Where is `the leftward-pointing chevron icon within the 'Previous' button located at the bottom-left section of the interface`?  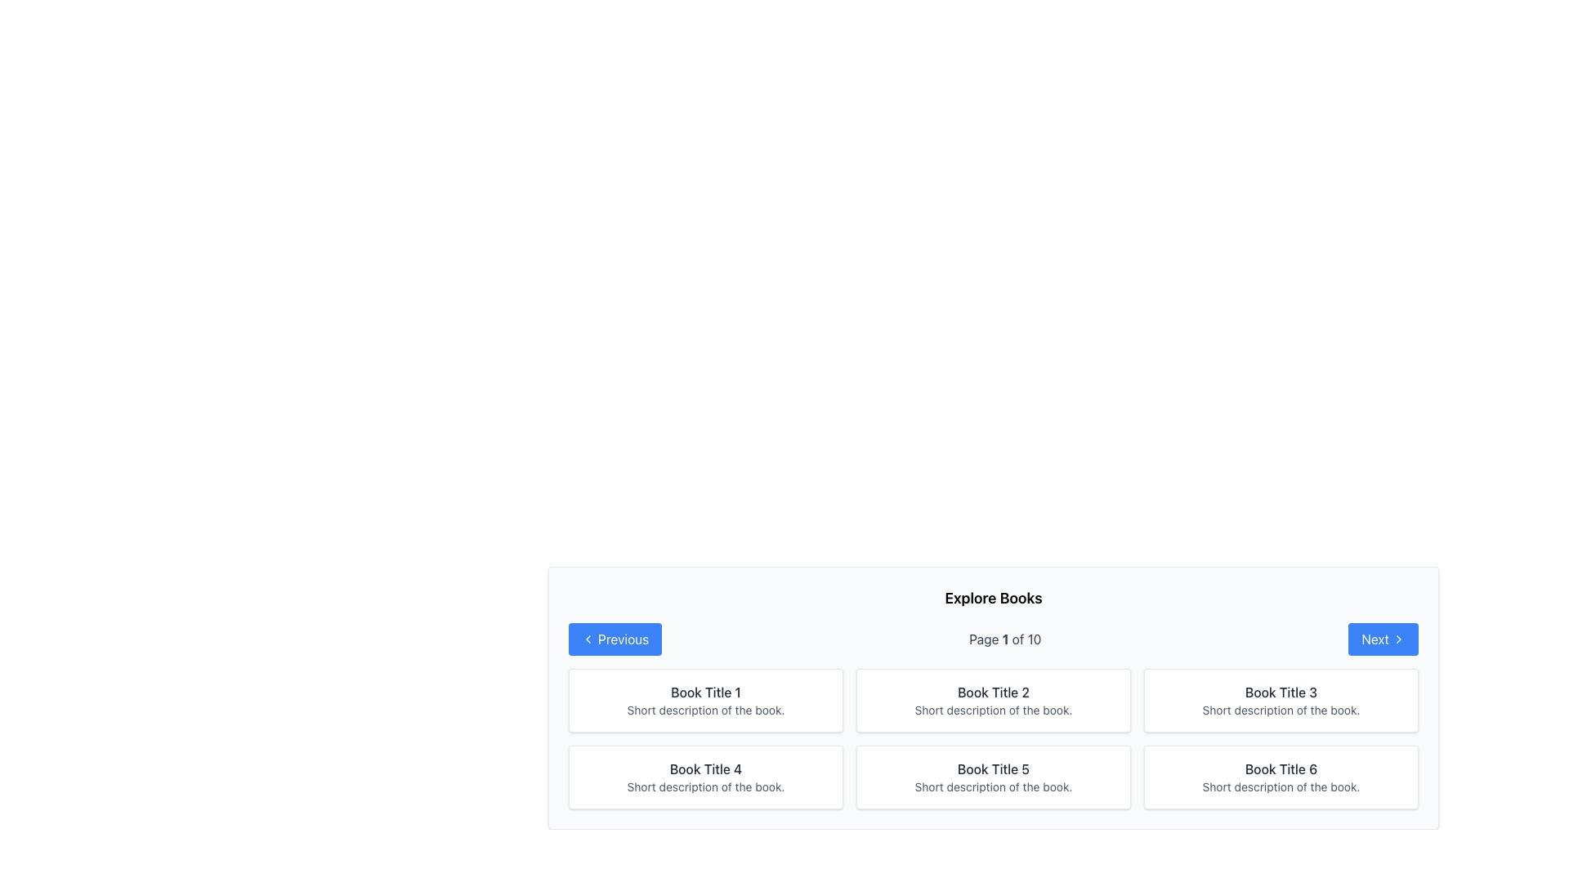 the leftward-pointing chevron icon within the 'Previous' button located at the bottom-left section of the interface is located at coordinates (588, 639).